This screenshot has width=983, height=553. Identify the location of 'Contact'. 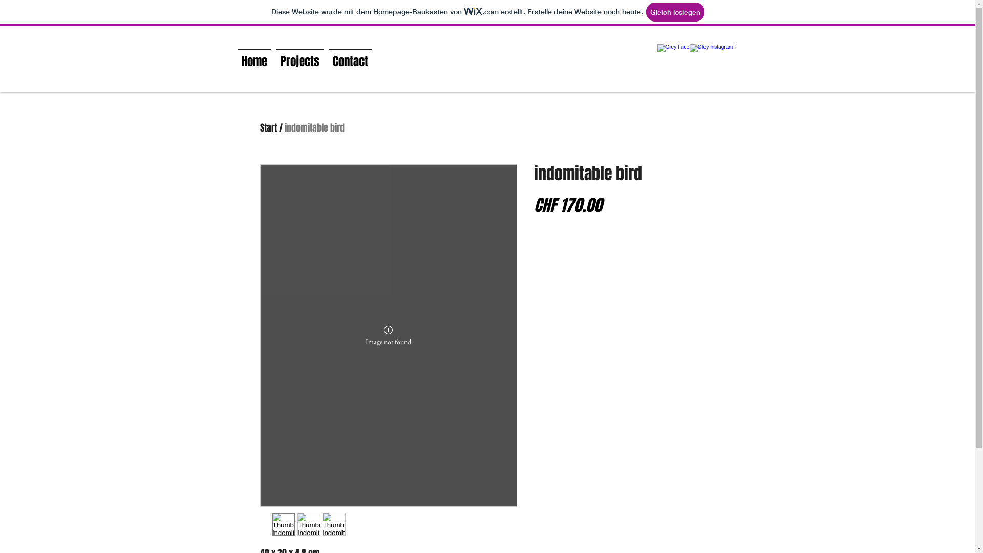
(350, 57).